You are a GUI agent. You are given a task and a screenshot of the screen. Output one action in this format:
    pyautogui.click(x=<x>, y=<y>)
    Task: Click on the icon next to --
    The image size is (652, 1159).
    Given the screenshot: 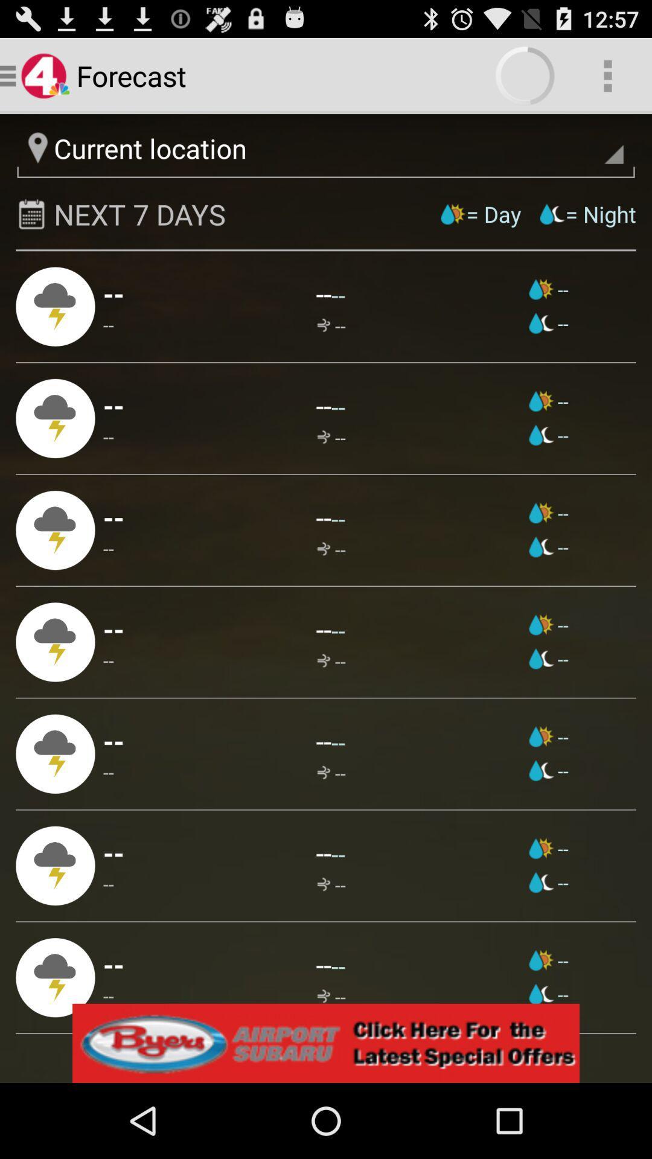 What is the action you would take?
    pyautogui.click(x=549, y=546)
    